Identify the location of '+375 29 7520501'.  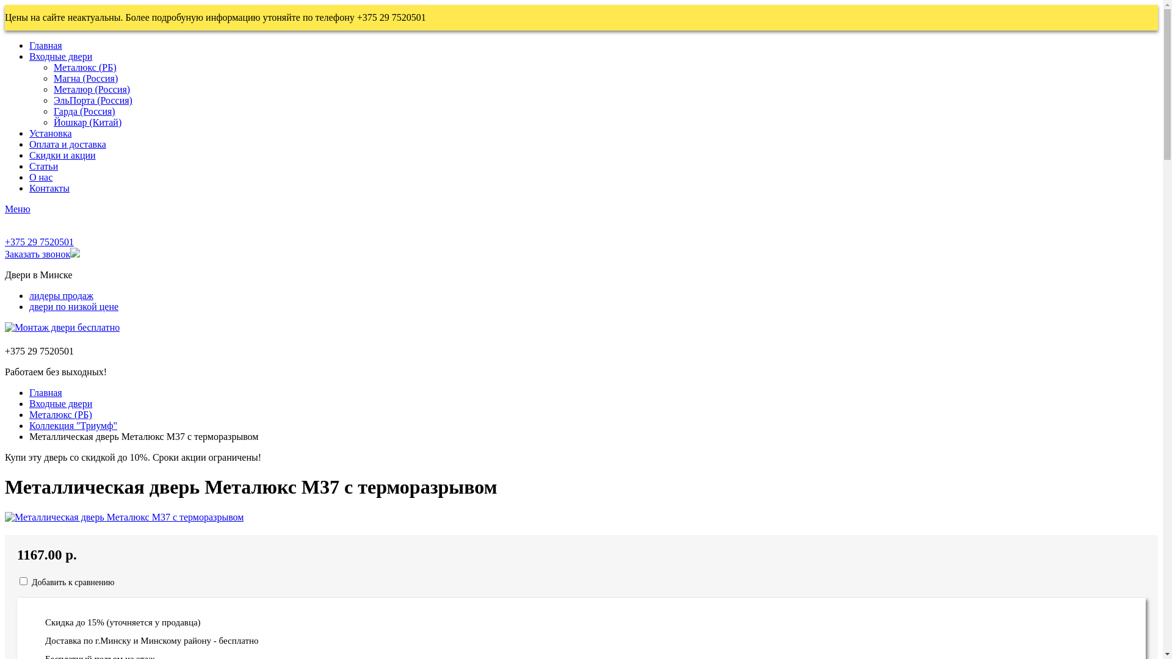
(39, 242).